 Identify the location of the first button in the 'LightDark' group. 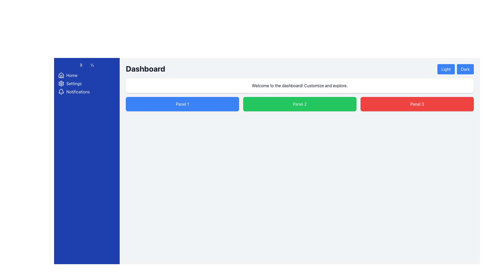
(445, 69).